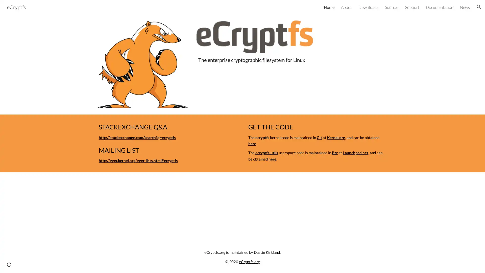 This screenshot has height=273, width=485. What do you see at coordinates (39, 264) in the screenshot?
I see `Google Sites` at bounding box center [39, 264].